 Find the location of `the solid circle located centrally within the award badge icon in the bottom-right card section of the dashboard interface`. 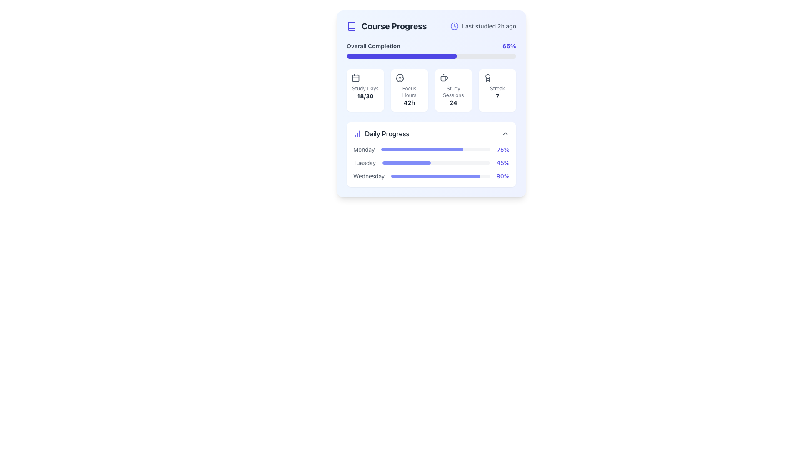

the solid circle located centrally within the award badge icon in the bottom-right card section of the dashboard interface is located at coordinates (488, 76).